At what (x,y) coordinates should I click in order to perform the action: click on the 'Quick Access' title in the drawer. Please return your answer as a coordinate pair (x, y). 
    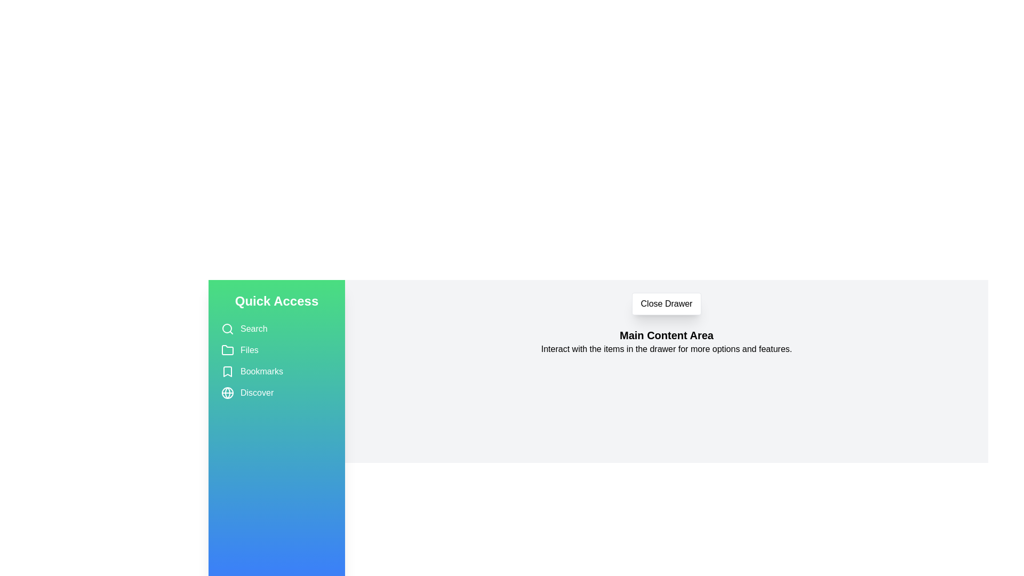
    Looking at the image, I should click on (276, 301).